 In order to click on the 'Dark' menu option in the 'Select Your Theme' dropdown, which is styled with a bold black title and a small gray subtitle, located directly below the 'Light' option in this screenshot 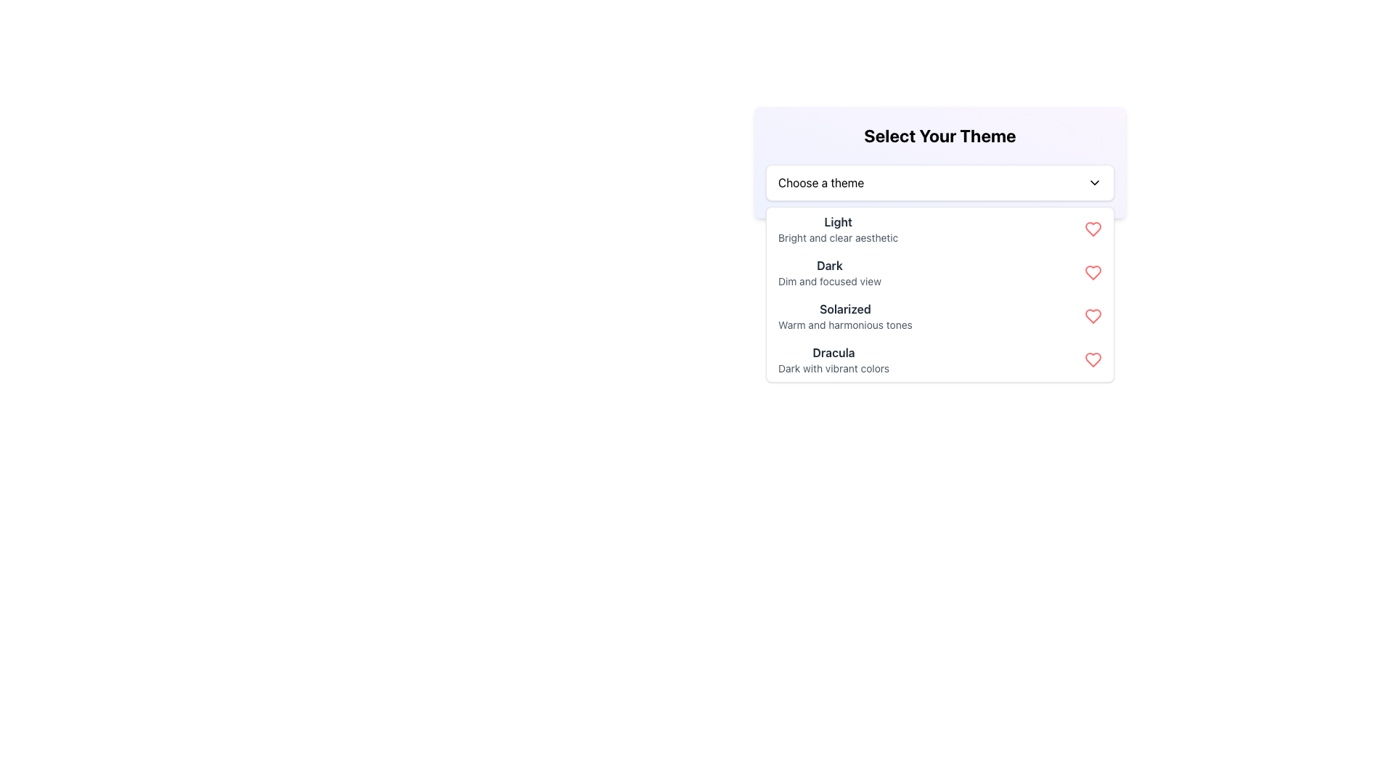, I will do `click(940, 272)`.